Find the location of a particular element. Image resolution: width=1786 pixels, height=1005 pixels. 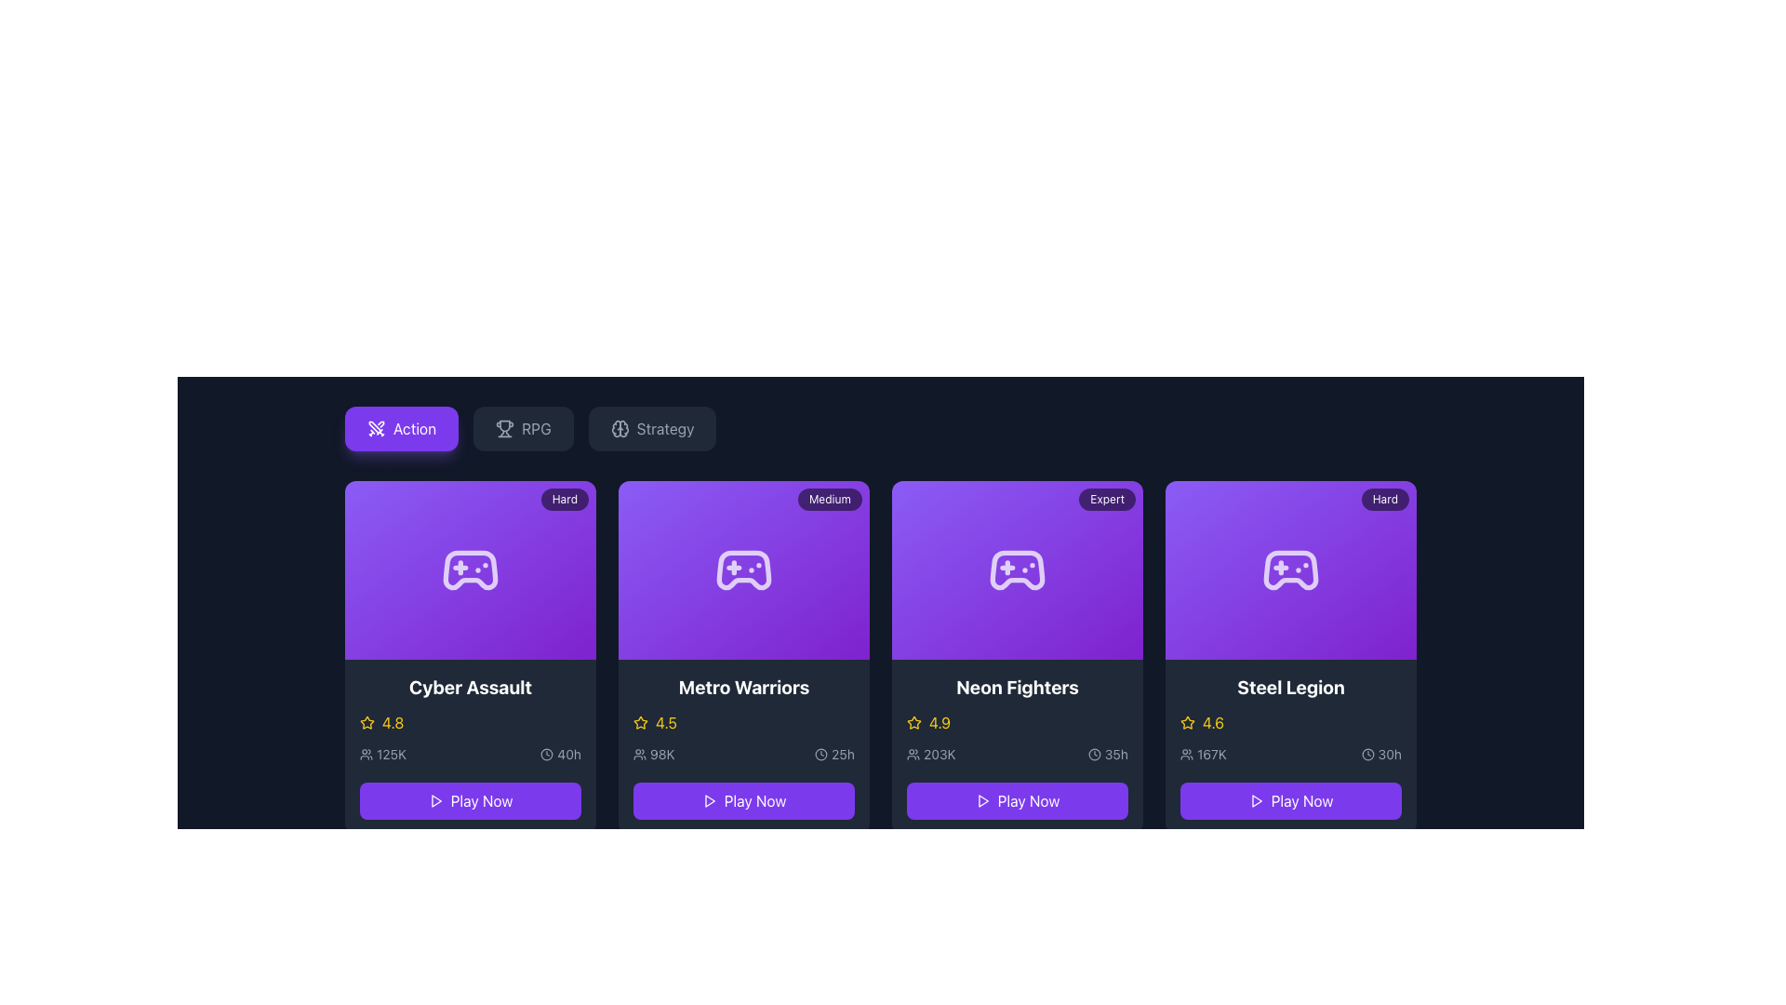

the icon representing the 'Strategy' category, located to the left of the text 'Strategy' is located at coordinates (620, 429).